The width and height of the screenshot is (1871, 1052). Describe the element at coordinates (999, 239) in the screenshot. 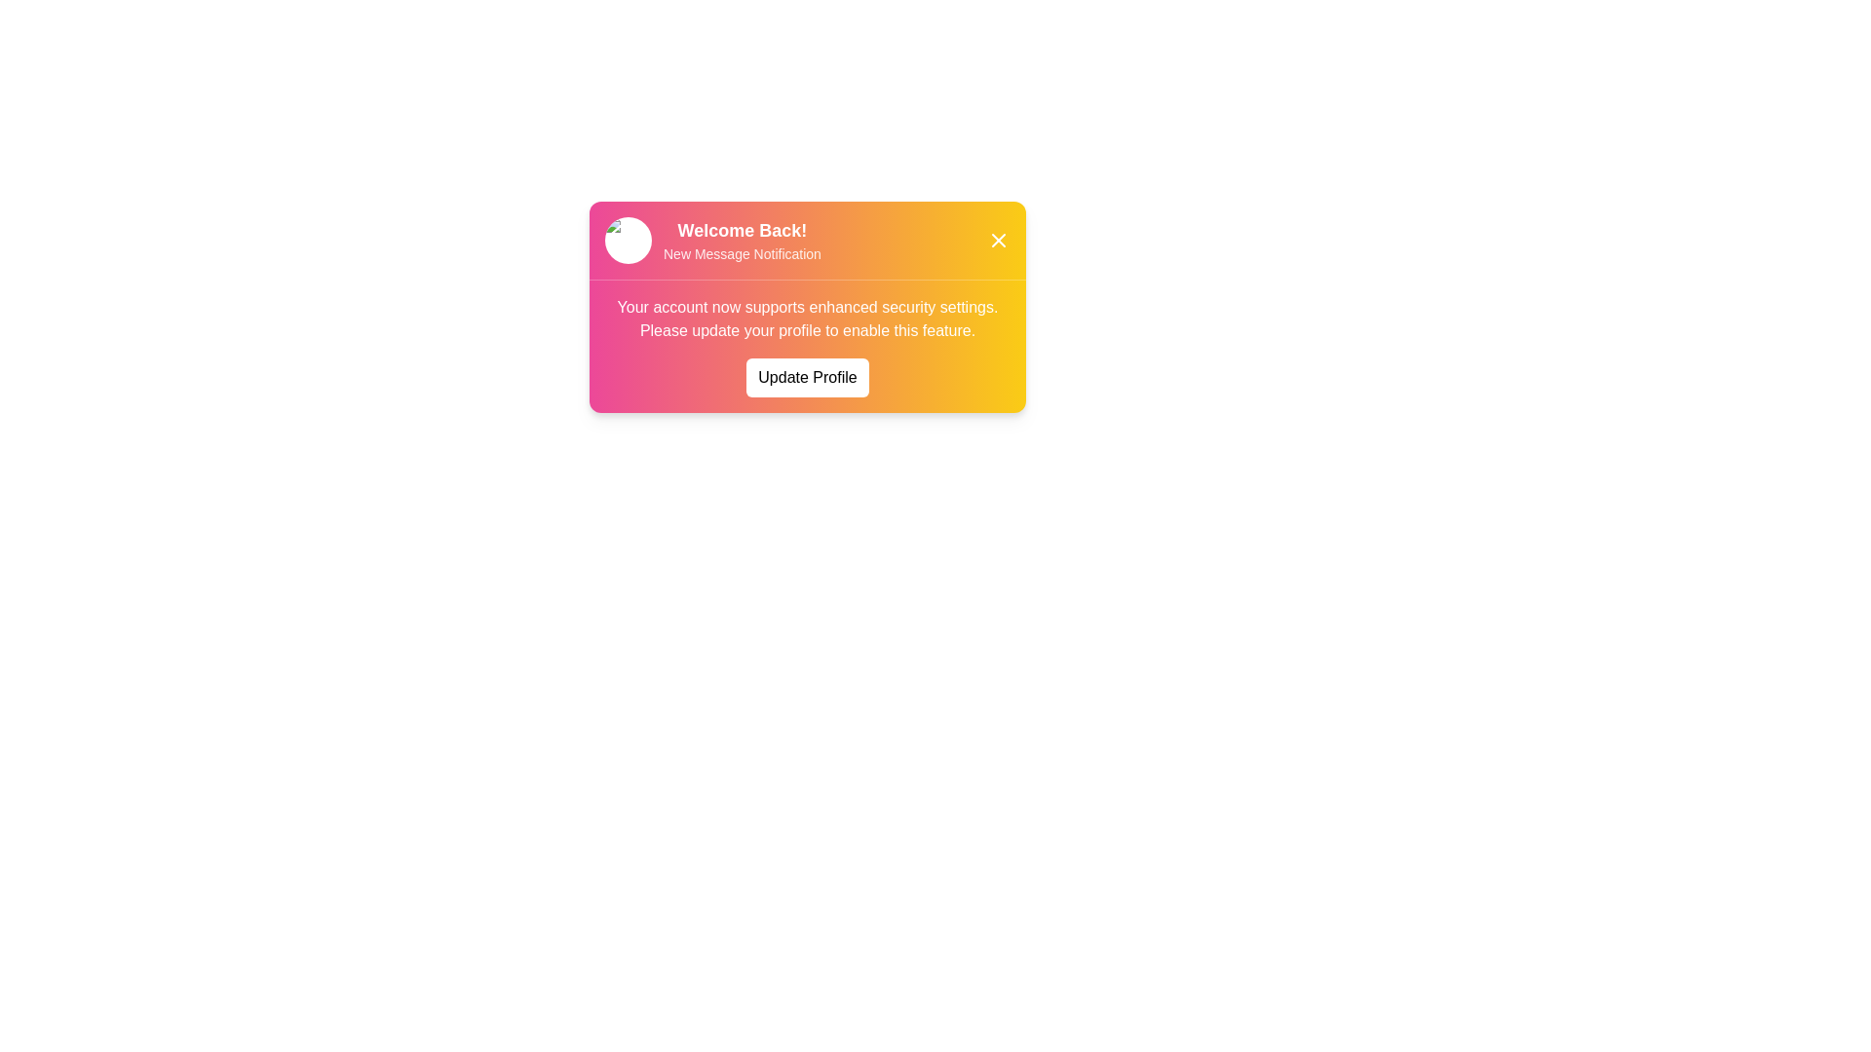

I see `close button to hide the alert` at that location.